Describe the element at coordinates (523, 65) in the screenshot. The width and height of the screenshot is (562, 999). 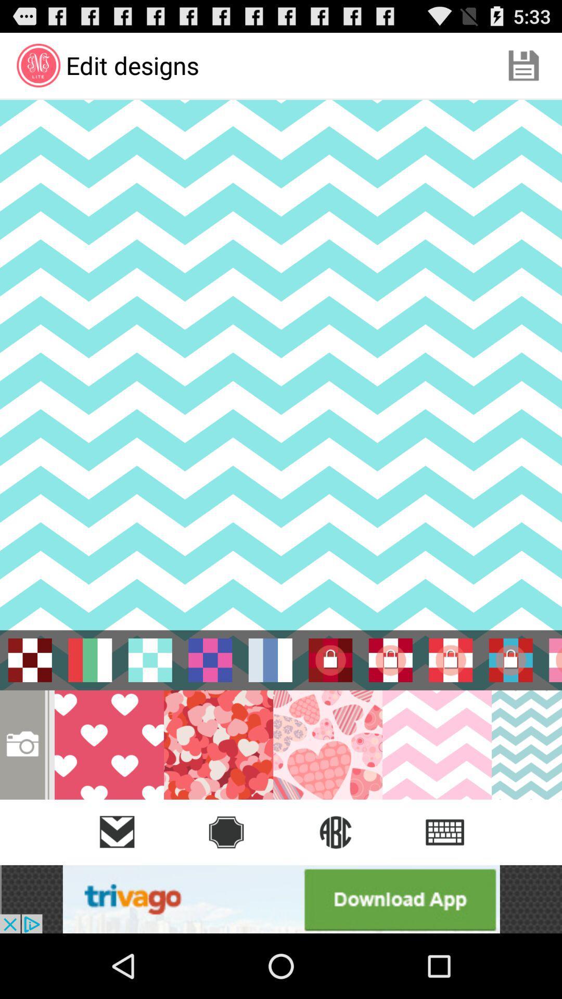
I see `the app to the right of edit designs app` at that location.